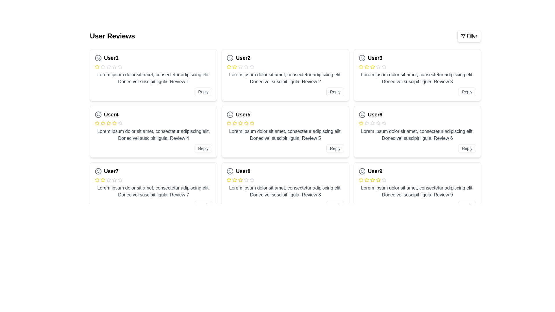 Image resolution: width=555 pixels, height=312 pixels. Describe the element at coordinates (360, 123) in the screenshot. I see `the first Rating Star Icon with a yellow border in the review item for User6 in the reviews list` at that location.